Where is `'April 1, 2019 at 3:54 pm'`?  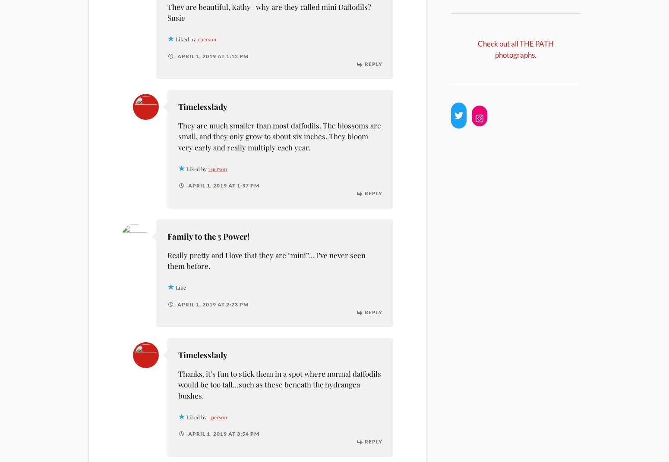 'April 1, 2019 at 3:54 pm' is located at coordinates (222, 434).